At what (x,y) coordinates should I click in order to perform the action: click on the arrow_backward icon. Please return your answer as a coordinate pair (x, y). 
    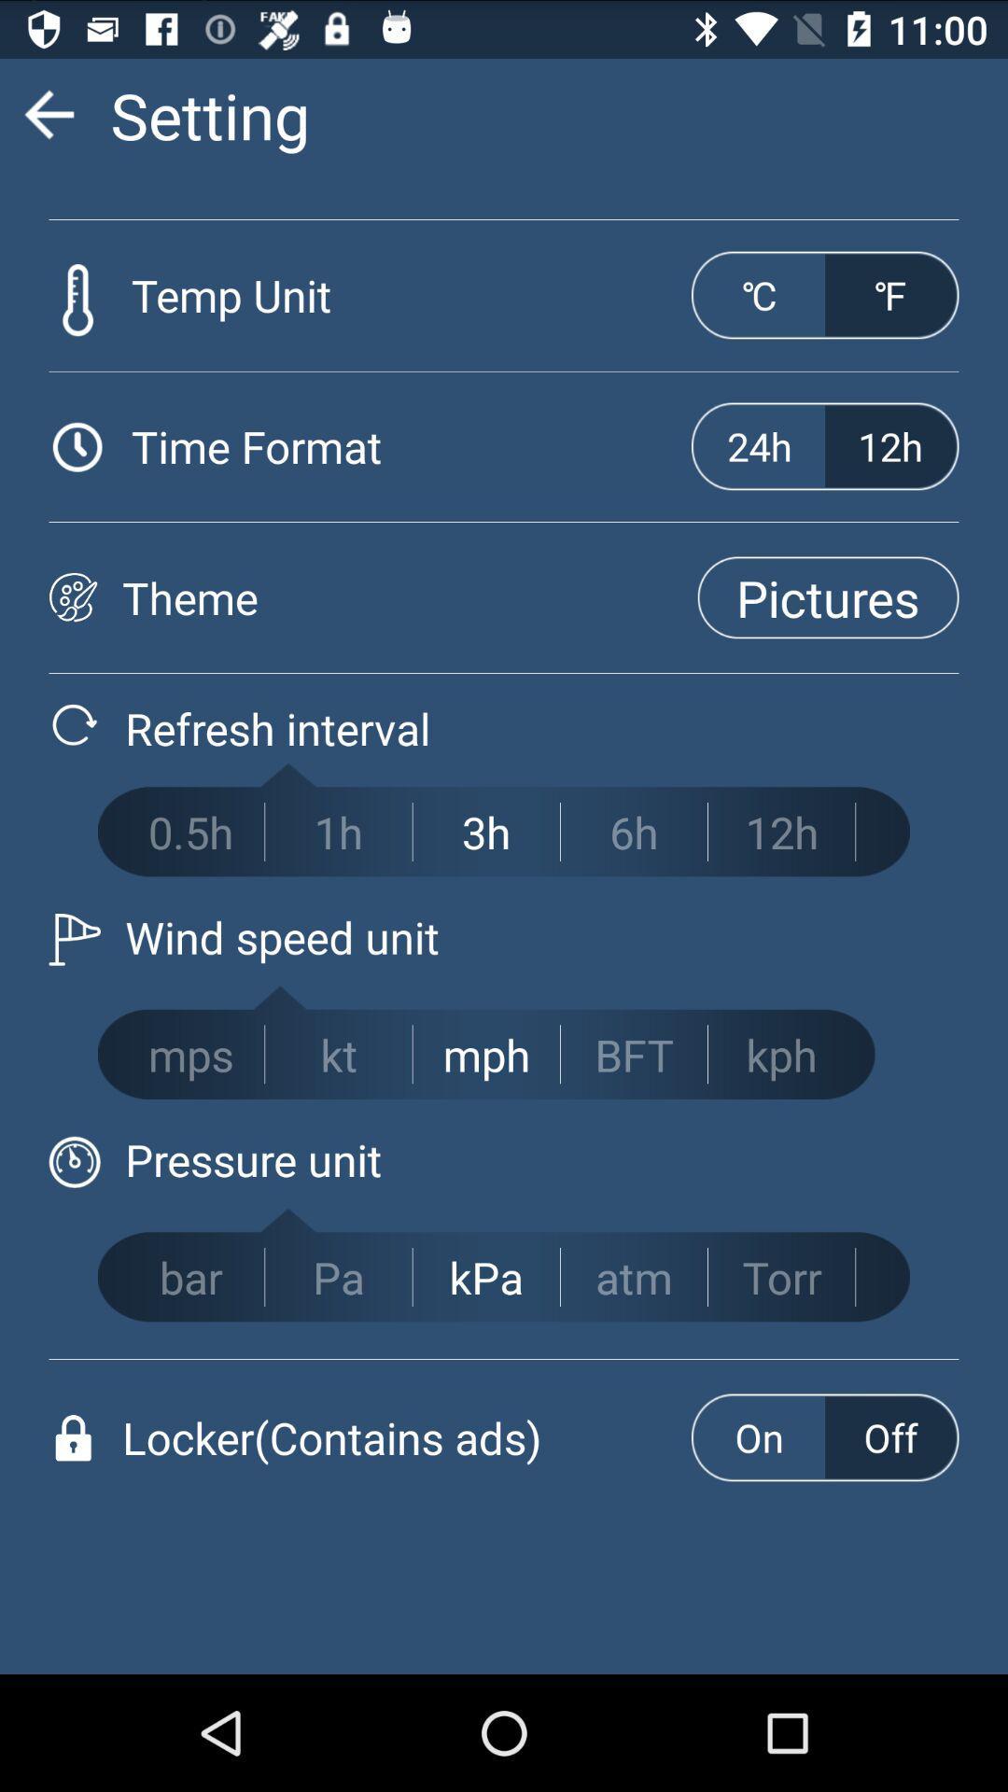
    Looking at the image, I should click on (48, 120).